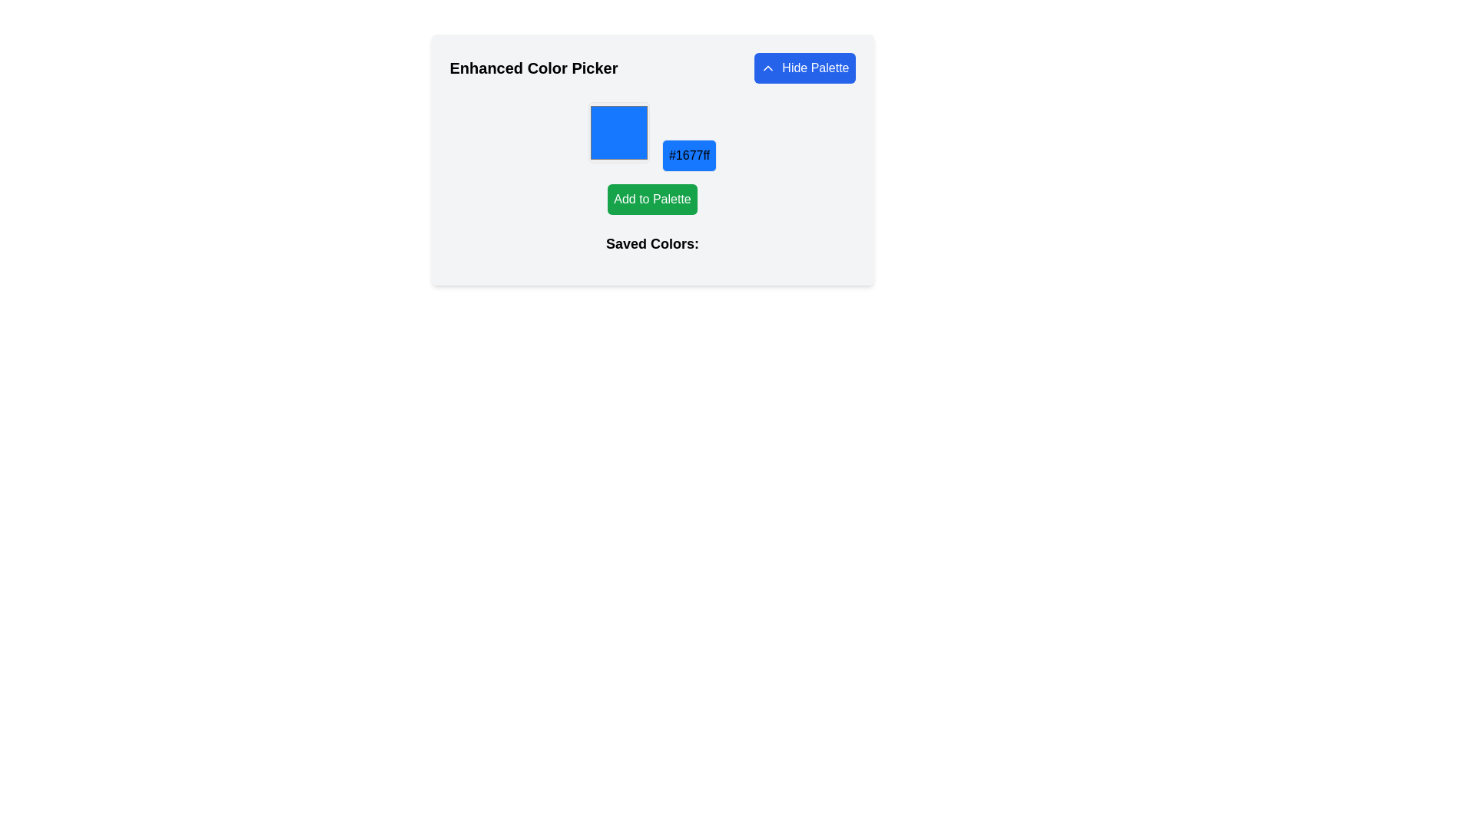 The image size is (1475, 829). Describe the element at coordinates (652, 136) in the screenshot. I see `the bold, blue-colored static text displaying the hexadecimal color code '#1677ff' within the color selection panel` at that location.